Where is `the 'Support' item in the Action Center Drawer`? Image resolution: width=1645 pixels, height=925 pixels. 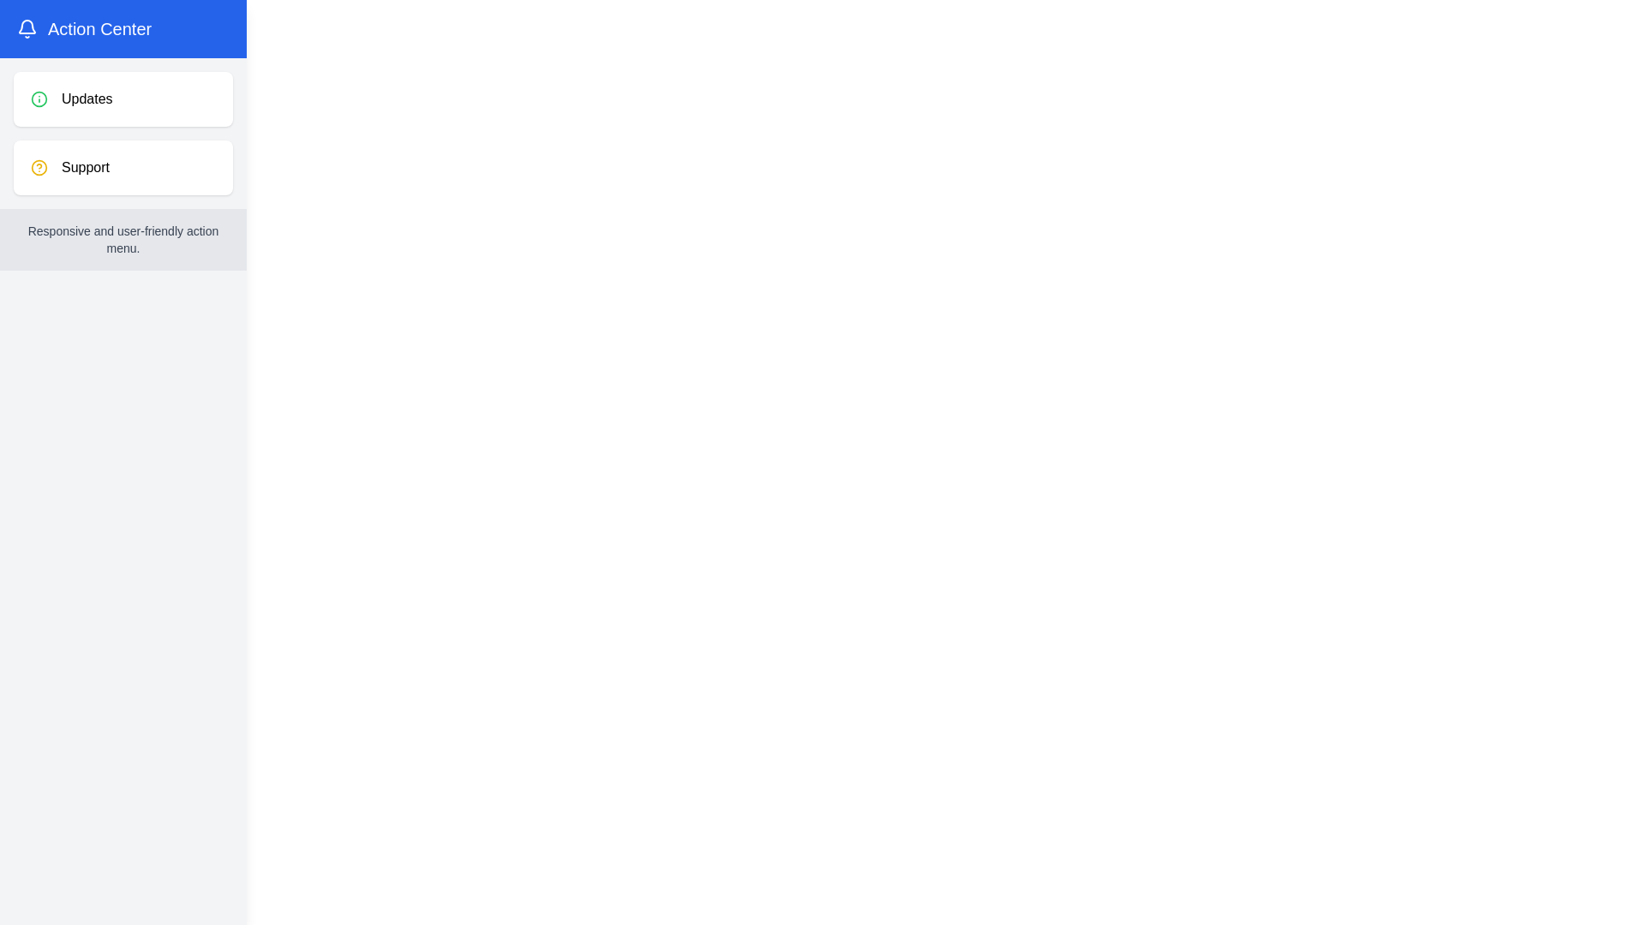
the 'Support' item in the Action Center Drawer is located at coordinates (123, 168).